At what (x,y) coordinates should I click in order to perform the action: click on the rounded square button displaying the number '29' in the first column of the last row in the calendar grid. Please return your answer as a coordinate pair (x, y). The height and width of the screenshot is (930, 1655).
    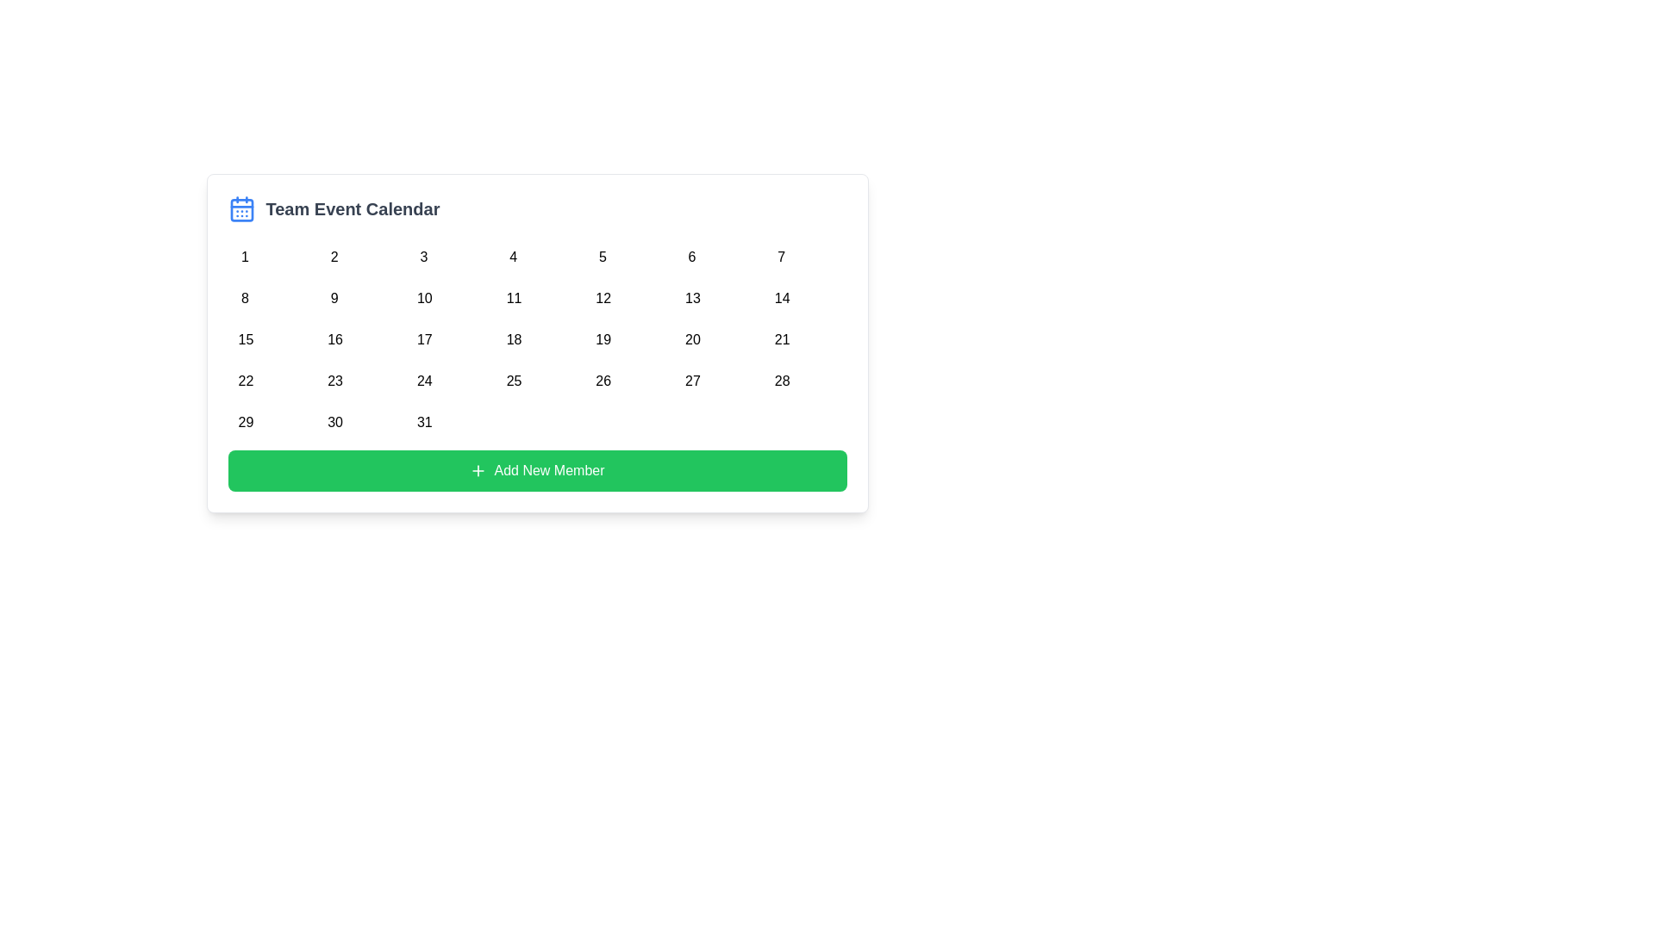
    Looking at the image, I should click on (244, 418).